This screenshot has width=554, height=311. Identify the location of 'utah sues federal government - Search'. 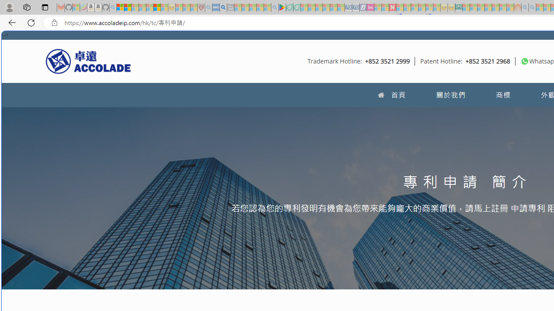
(223, 7).